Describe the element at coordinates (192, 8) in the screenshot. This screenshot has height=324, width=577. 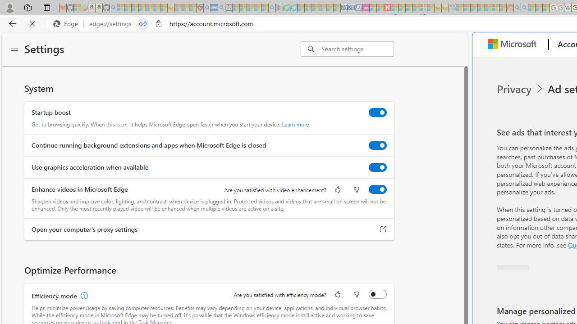
I see `'Local - MSN - Sleeping'` at that location.